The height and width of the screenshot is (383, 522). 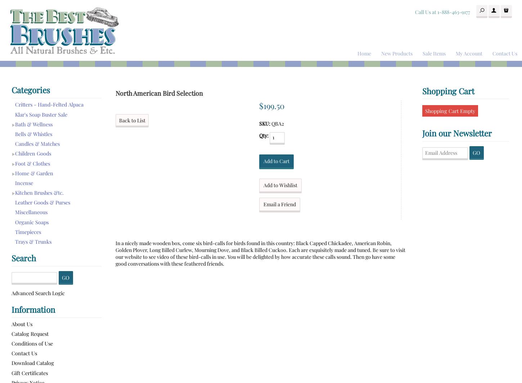 What do you see at coordinates (32, 363) in the screenshot?
I see `'Download Catalog'` at bounding box center [32, 363].